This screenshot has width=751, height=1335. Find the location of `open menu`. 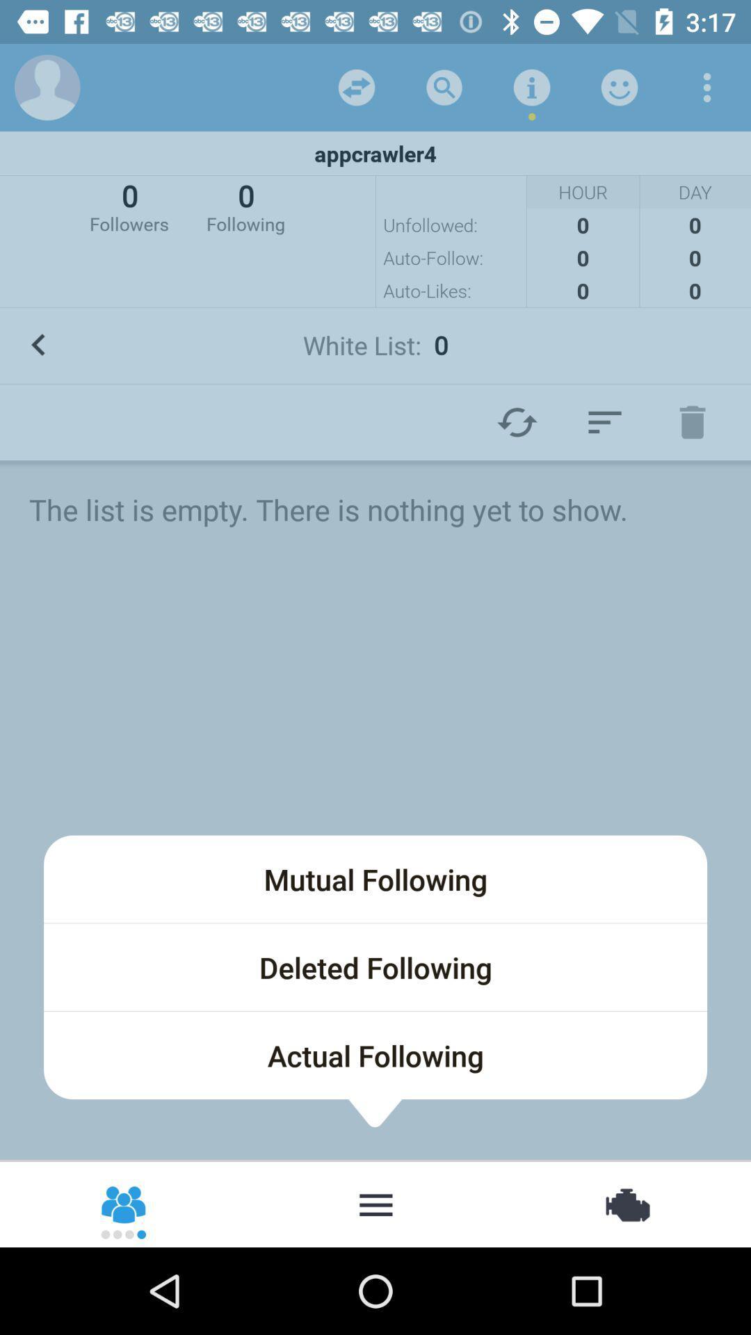

open menu is located at coordinates (375, 1203).